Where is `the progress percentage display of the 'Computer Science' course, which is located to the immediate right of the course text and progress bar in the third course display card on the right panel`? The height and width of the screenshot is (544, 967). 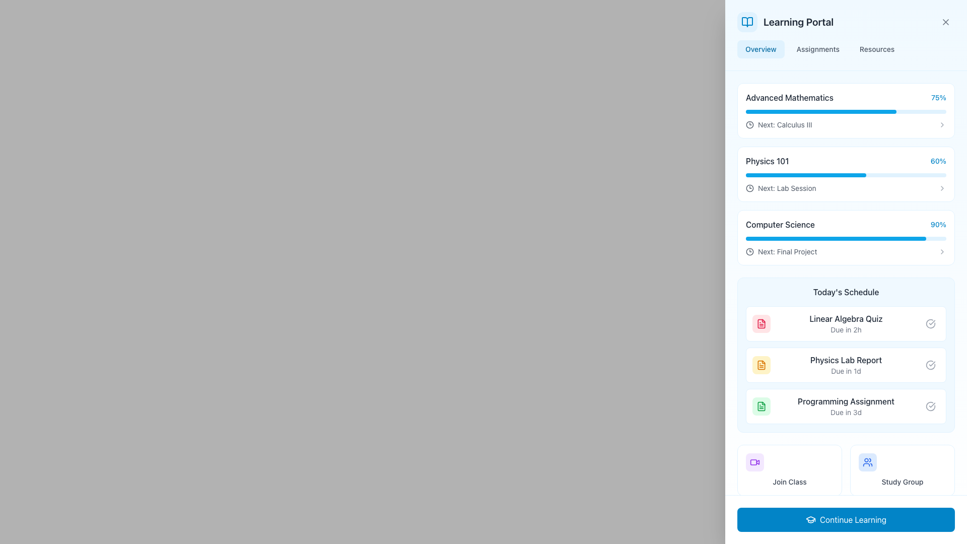
the progress percentage display of the 'Computer Science' course, which is located to the immediate right of the course text and progress bar in the third course display card on the right panel is located at coordinates (938, 224).